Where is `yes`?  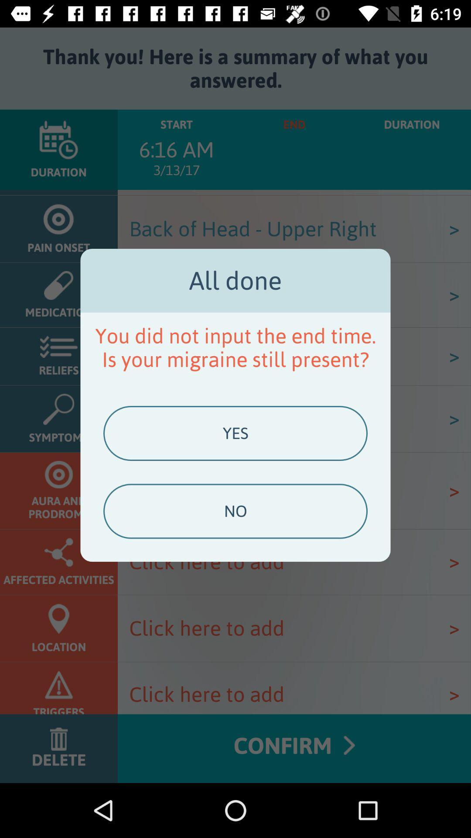
yes is located at coordinates (235, 433).